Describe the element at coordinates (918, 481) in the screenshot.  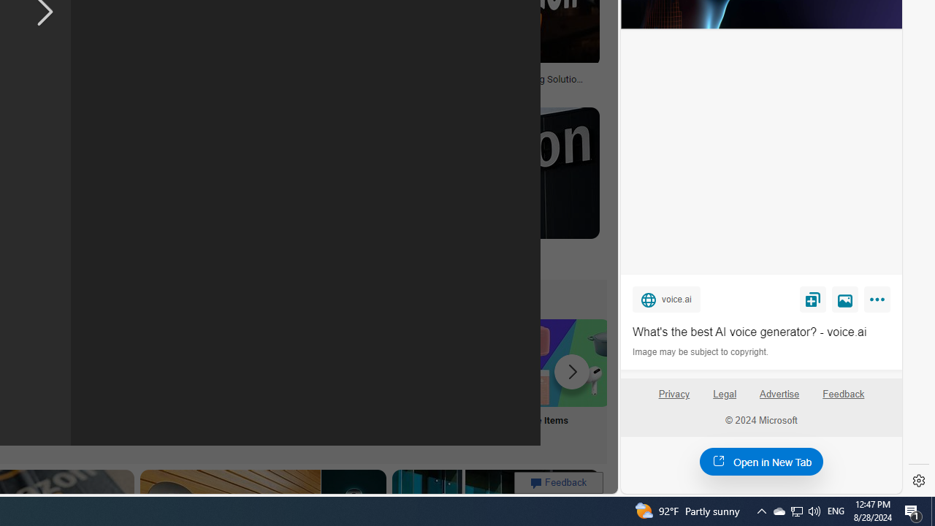
I see `'Settings'` at that location.